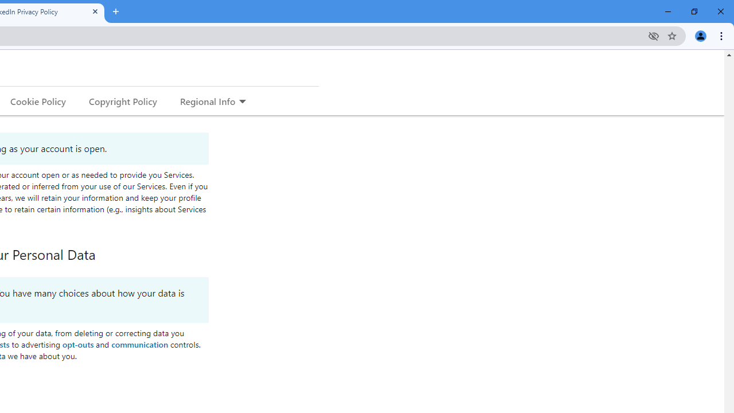 This screenshot has height=413, width=734. Describe the element at coordinates (77, 343) in the screenshot. I see `'opt-outs'` at that location.